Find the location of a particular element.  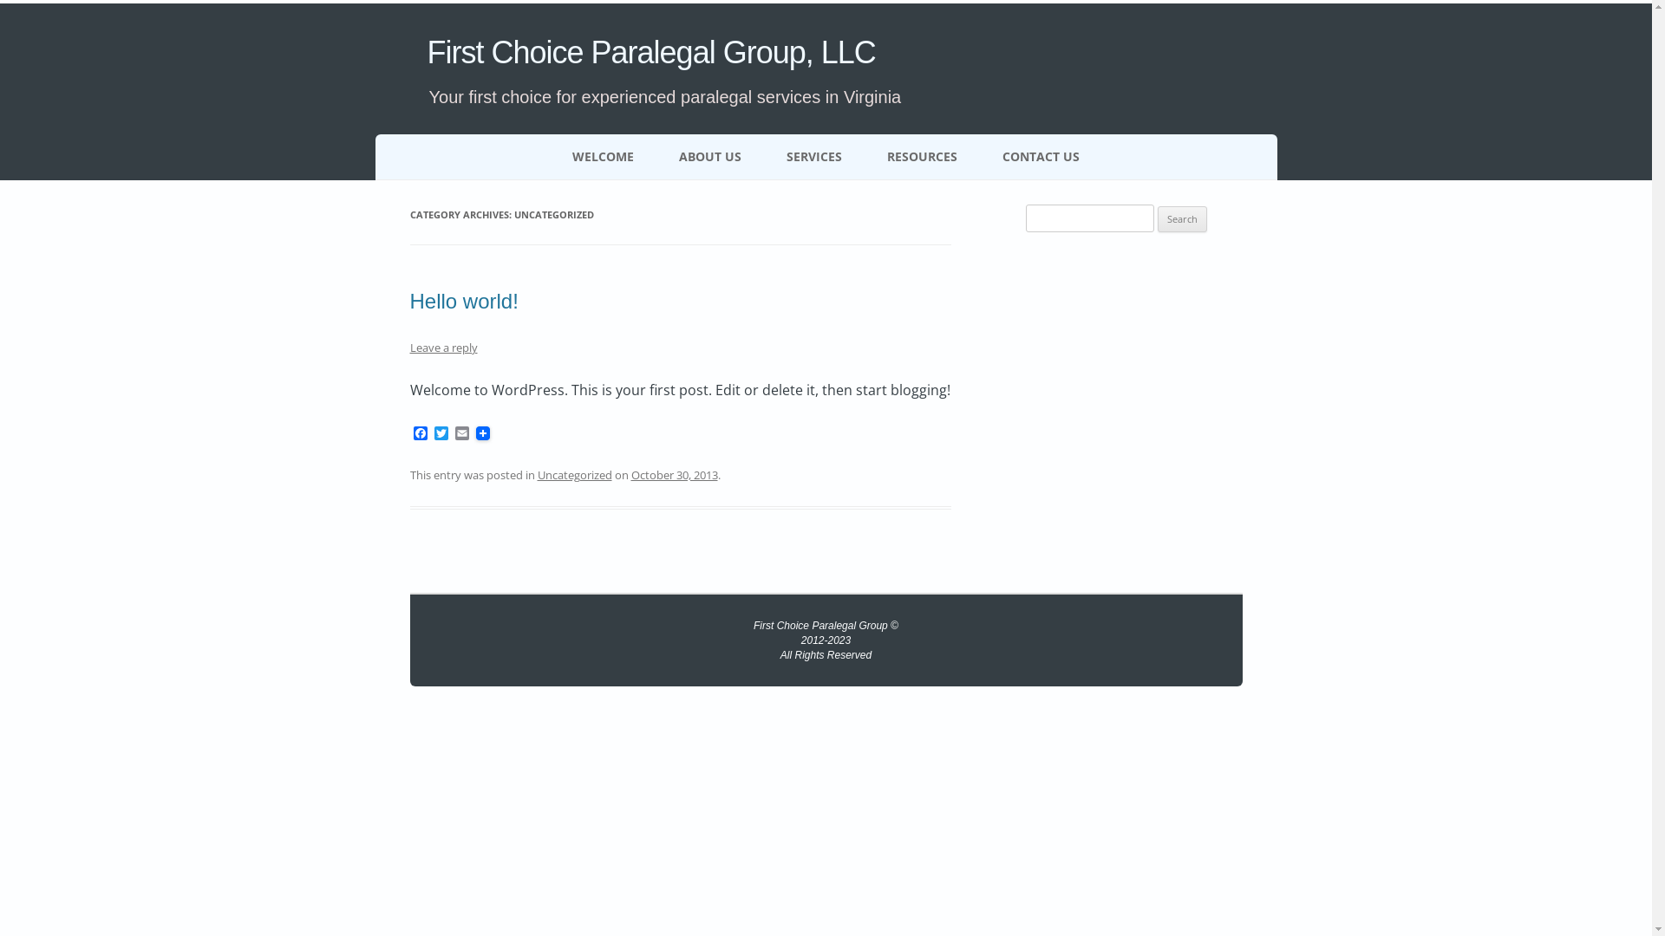

'Twitter' is located at coordinates (429, 433).